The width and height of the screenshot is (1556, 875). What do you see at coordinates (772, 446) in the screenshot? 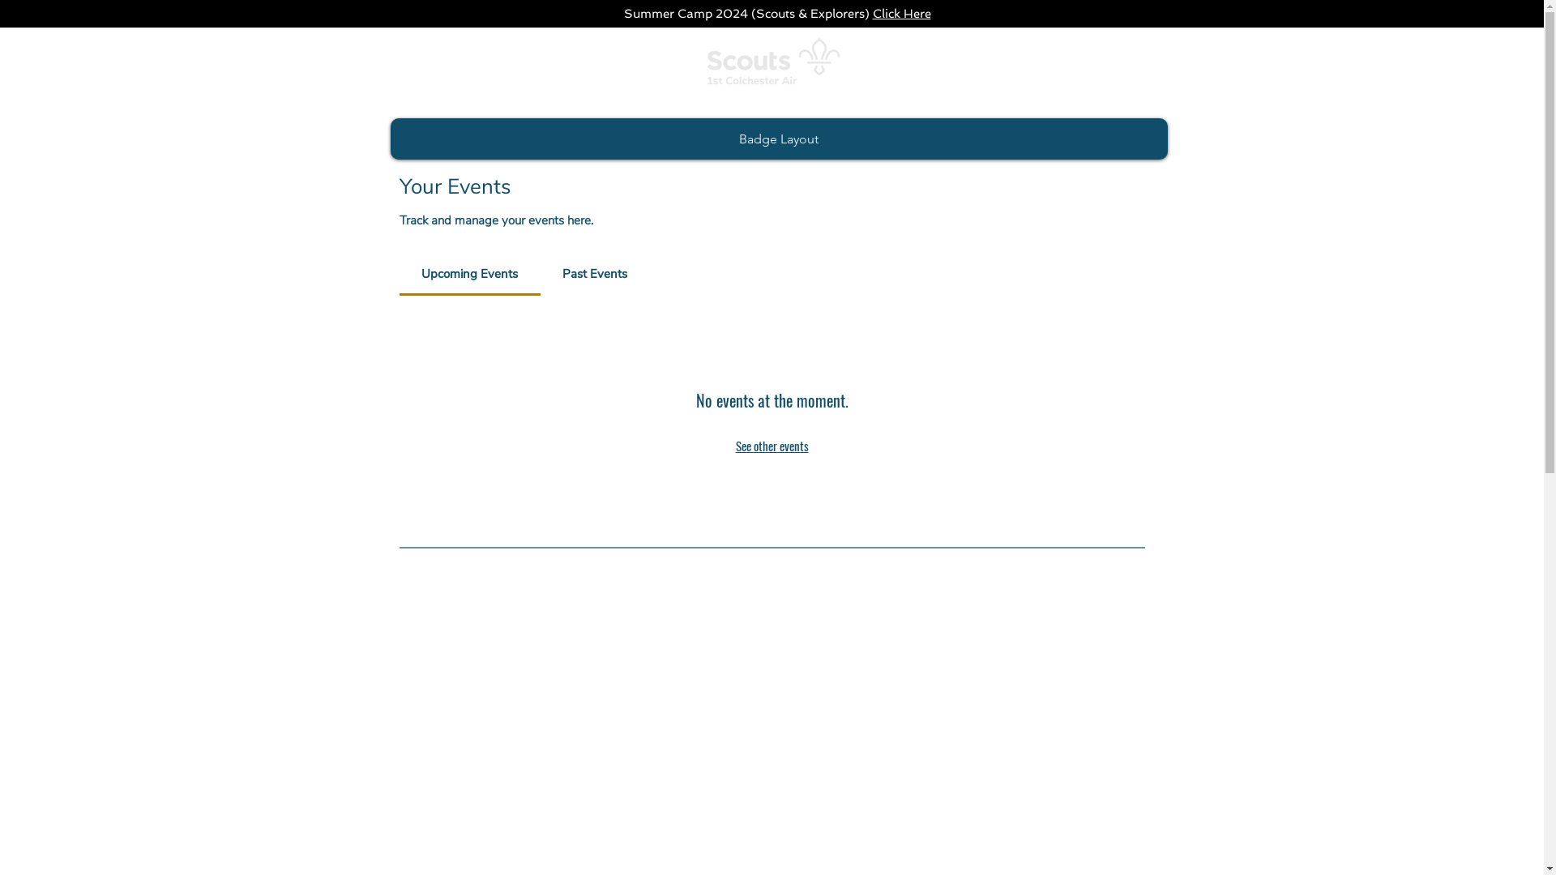
I see `'See other events'` at bounding box center [772, 446].